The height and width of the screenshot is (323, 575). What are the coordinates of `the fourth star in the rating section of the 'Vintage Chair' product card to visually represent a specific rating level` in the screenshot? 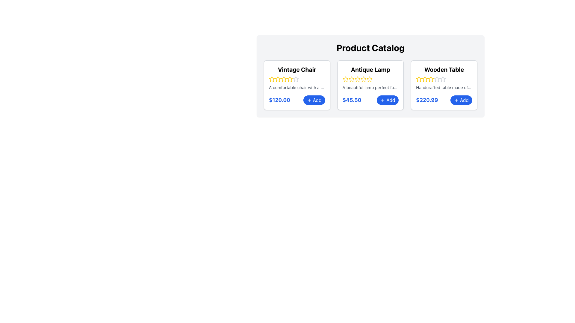 It's located at (296, 79).